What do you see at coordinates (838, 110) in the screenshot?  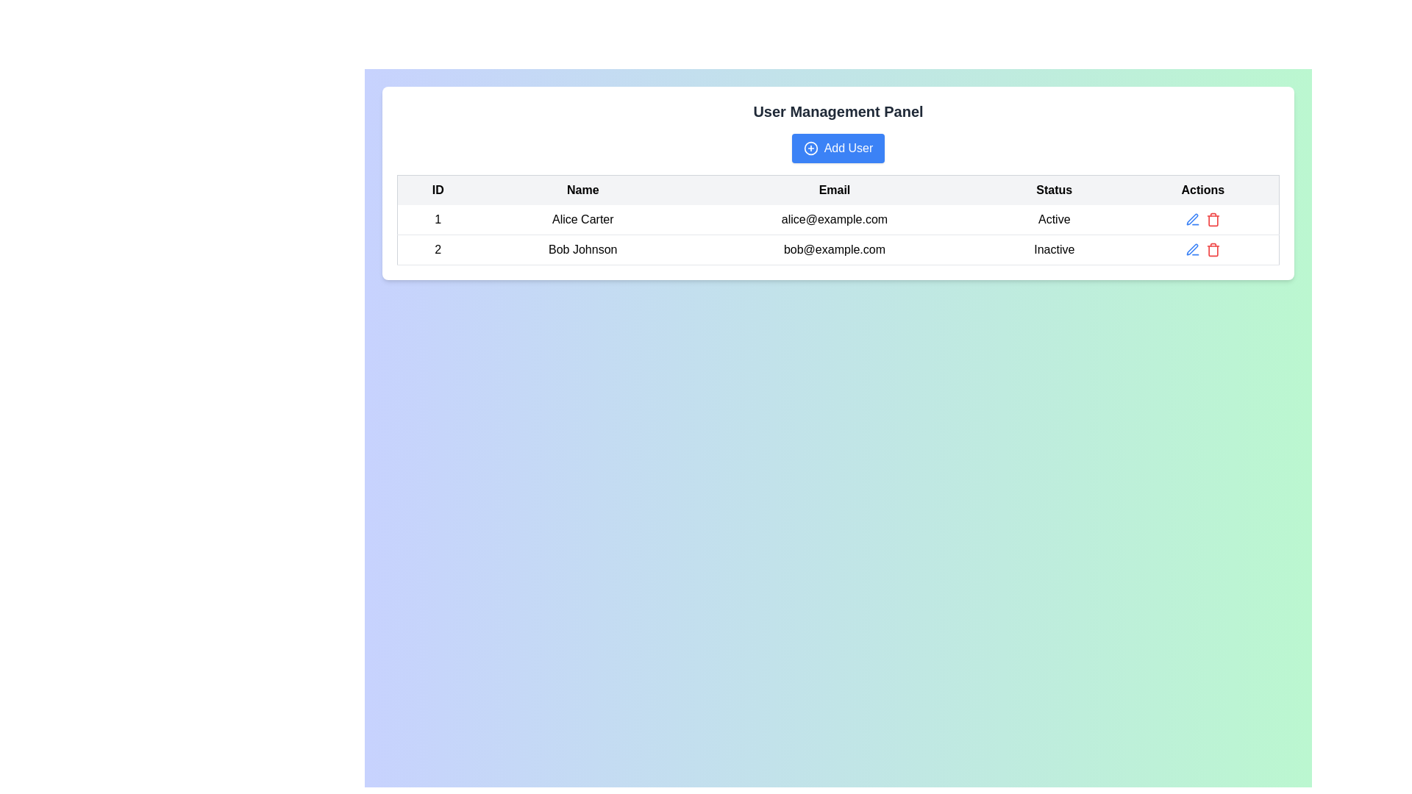 I see `the text header that says 'User Management Panel', which is prominently styled in bold and large font above the 'Add User' button` at bounding box center [838, 110].